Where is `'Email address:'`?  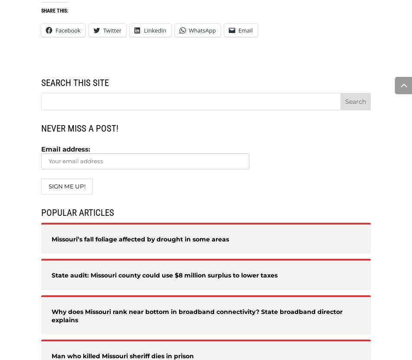
'Email address:' is located at coordinates (65, 148).